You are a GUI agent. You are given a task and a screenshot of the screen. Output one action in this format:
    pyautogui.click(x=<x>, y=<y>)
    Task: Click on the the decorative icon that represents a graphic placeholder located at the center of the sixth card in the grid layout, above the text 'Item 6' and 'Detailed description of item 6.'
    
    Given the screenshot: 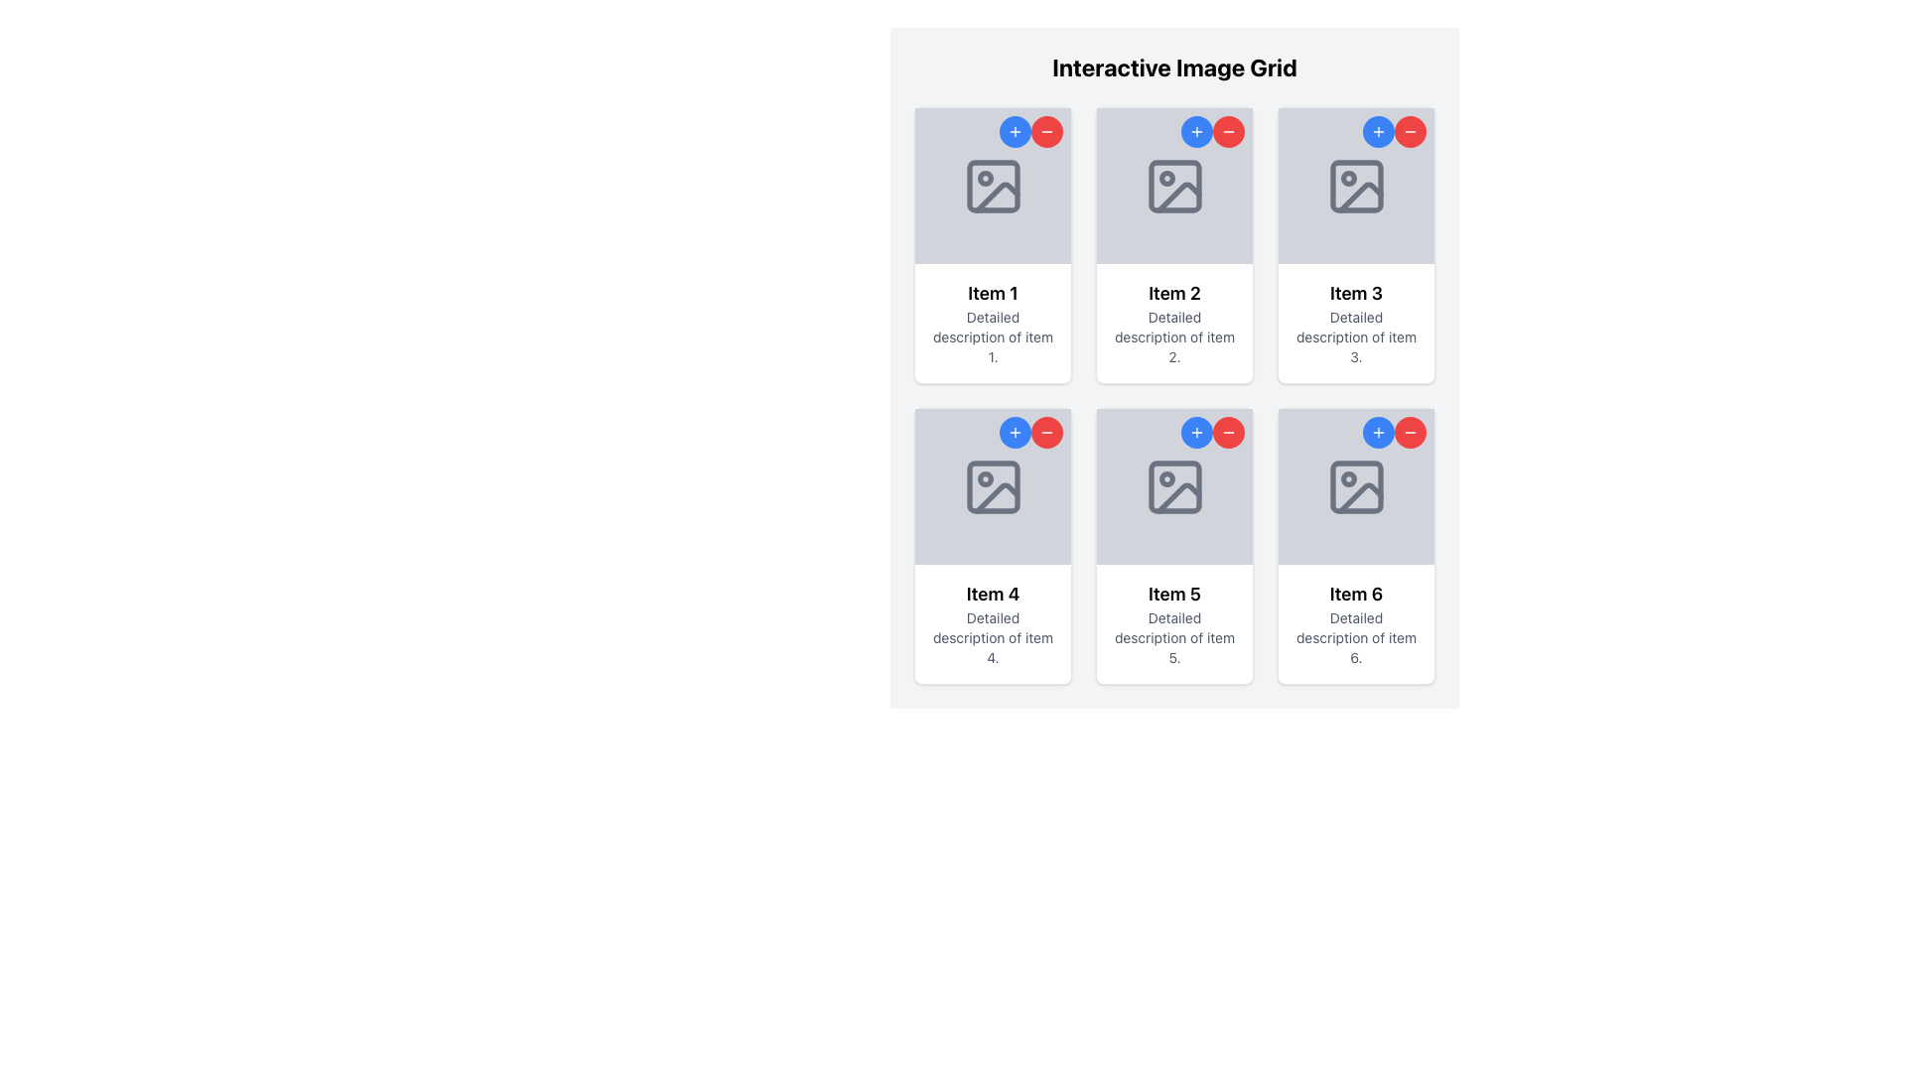 What is the action you would take?
    pyautogui.click(x=1355, y=486)
    